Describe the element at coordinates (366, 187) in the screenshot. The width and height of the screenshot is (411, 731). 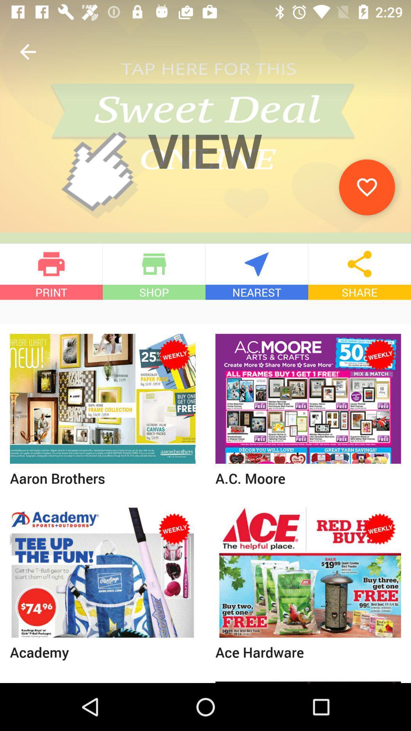
I see `the favorite icon` at that location.